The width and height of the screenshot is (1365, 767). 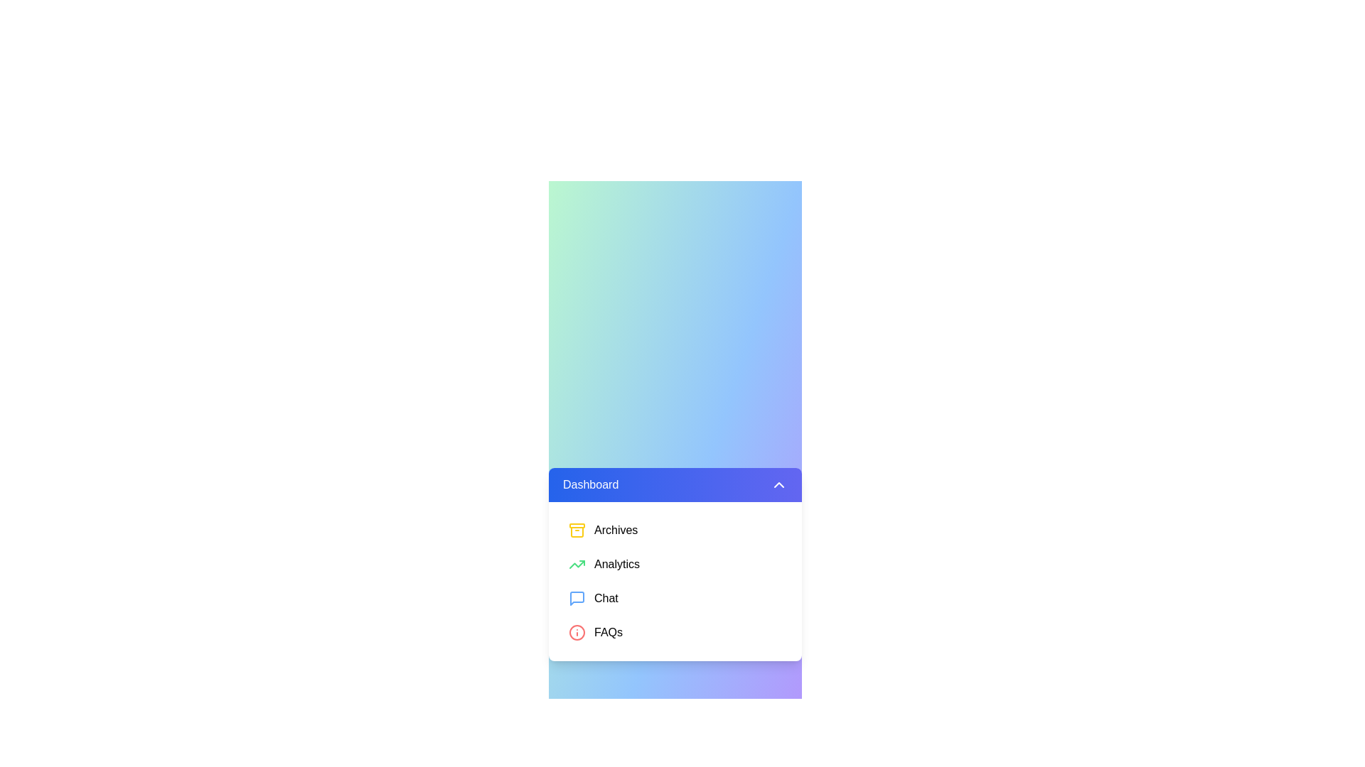 I want to click on the menu item Chat, so click(x=675, y=599).